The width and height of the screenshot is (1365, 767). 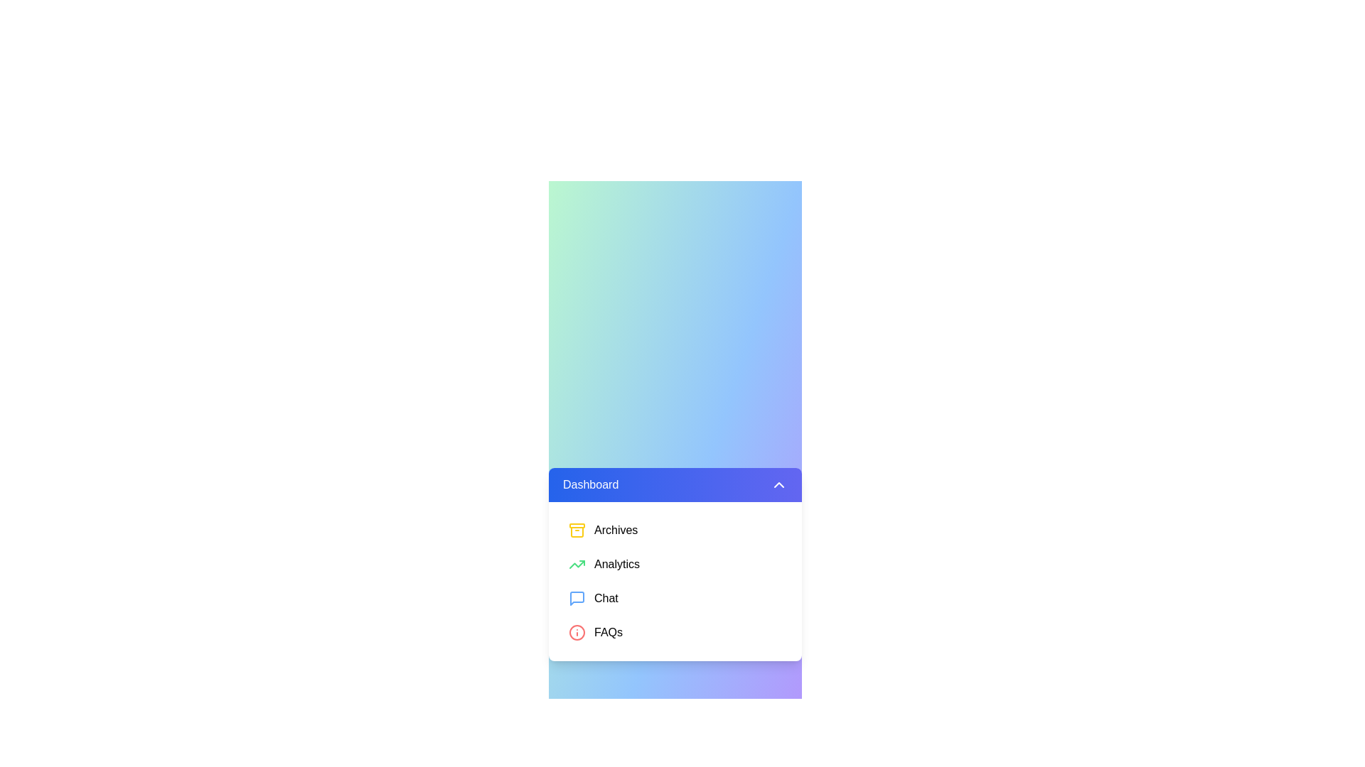 I want to click on the menu item Chat, so click(x=675, y=599).